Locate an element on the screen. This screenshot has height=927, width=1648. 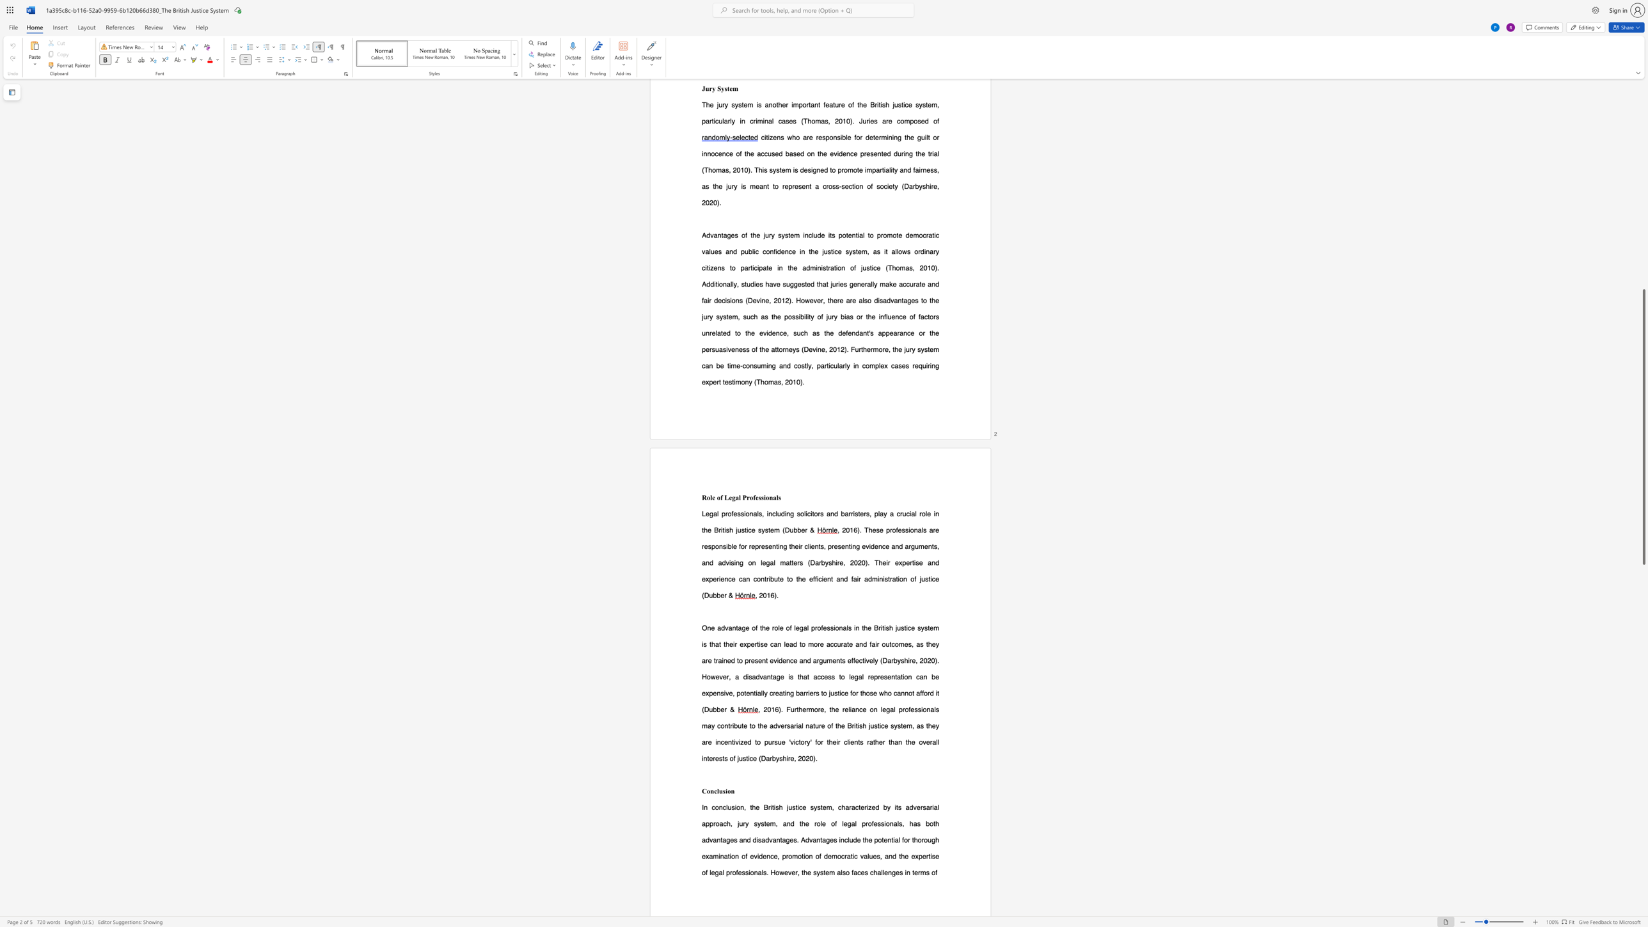
the subset text "rs (Dar" within the text "their clients, presenting evidence and arguments, and advising on legal matters (Darbyshire," is located at coordinates (796, 562).